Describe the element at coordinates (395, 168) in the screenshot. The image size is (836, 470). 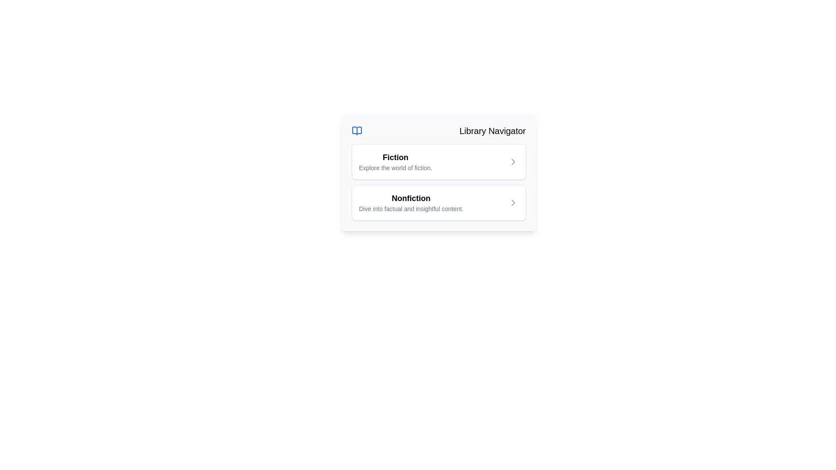
I see `the descriptive text element located beneath the 'Fiction' label in the Library Navigator interface` at that location.